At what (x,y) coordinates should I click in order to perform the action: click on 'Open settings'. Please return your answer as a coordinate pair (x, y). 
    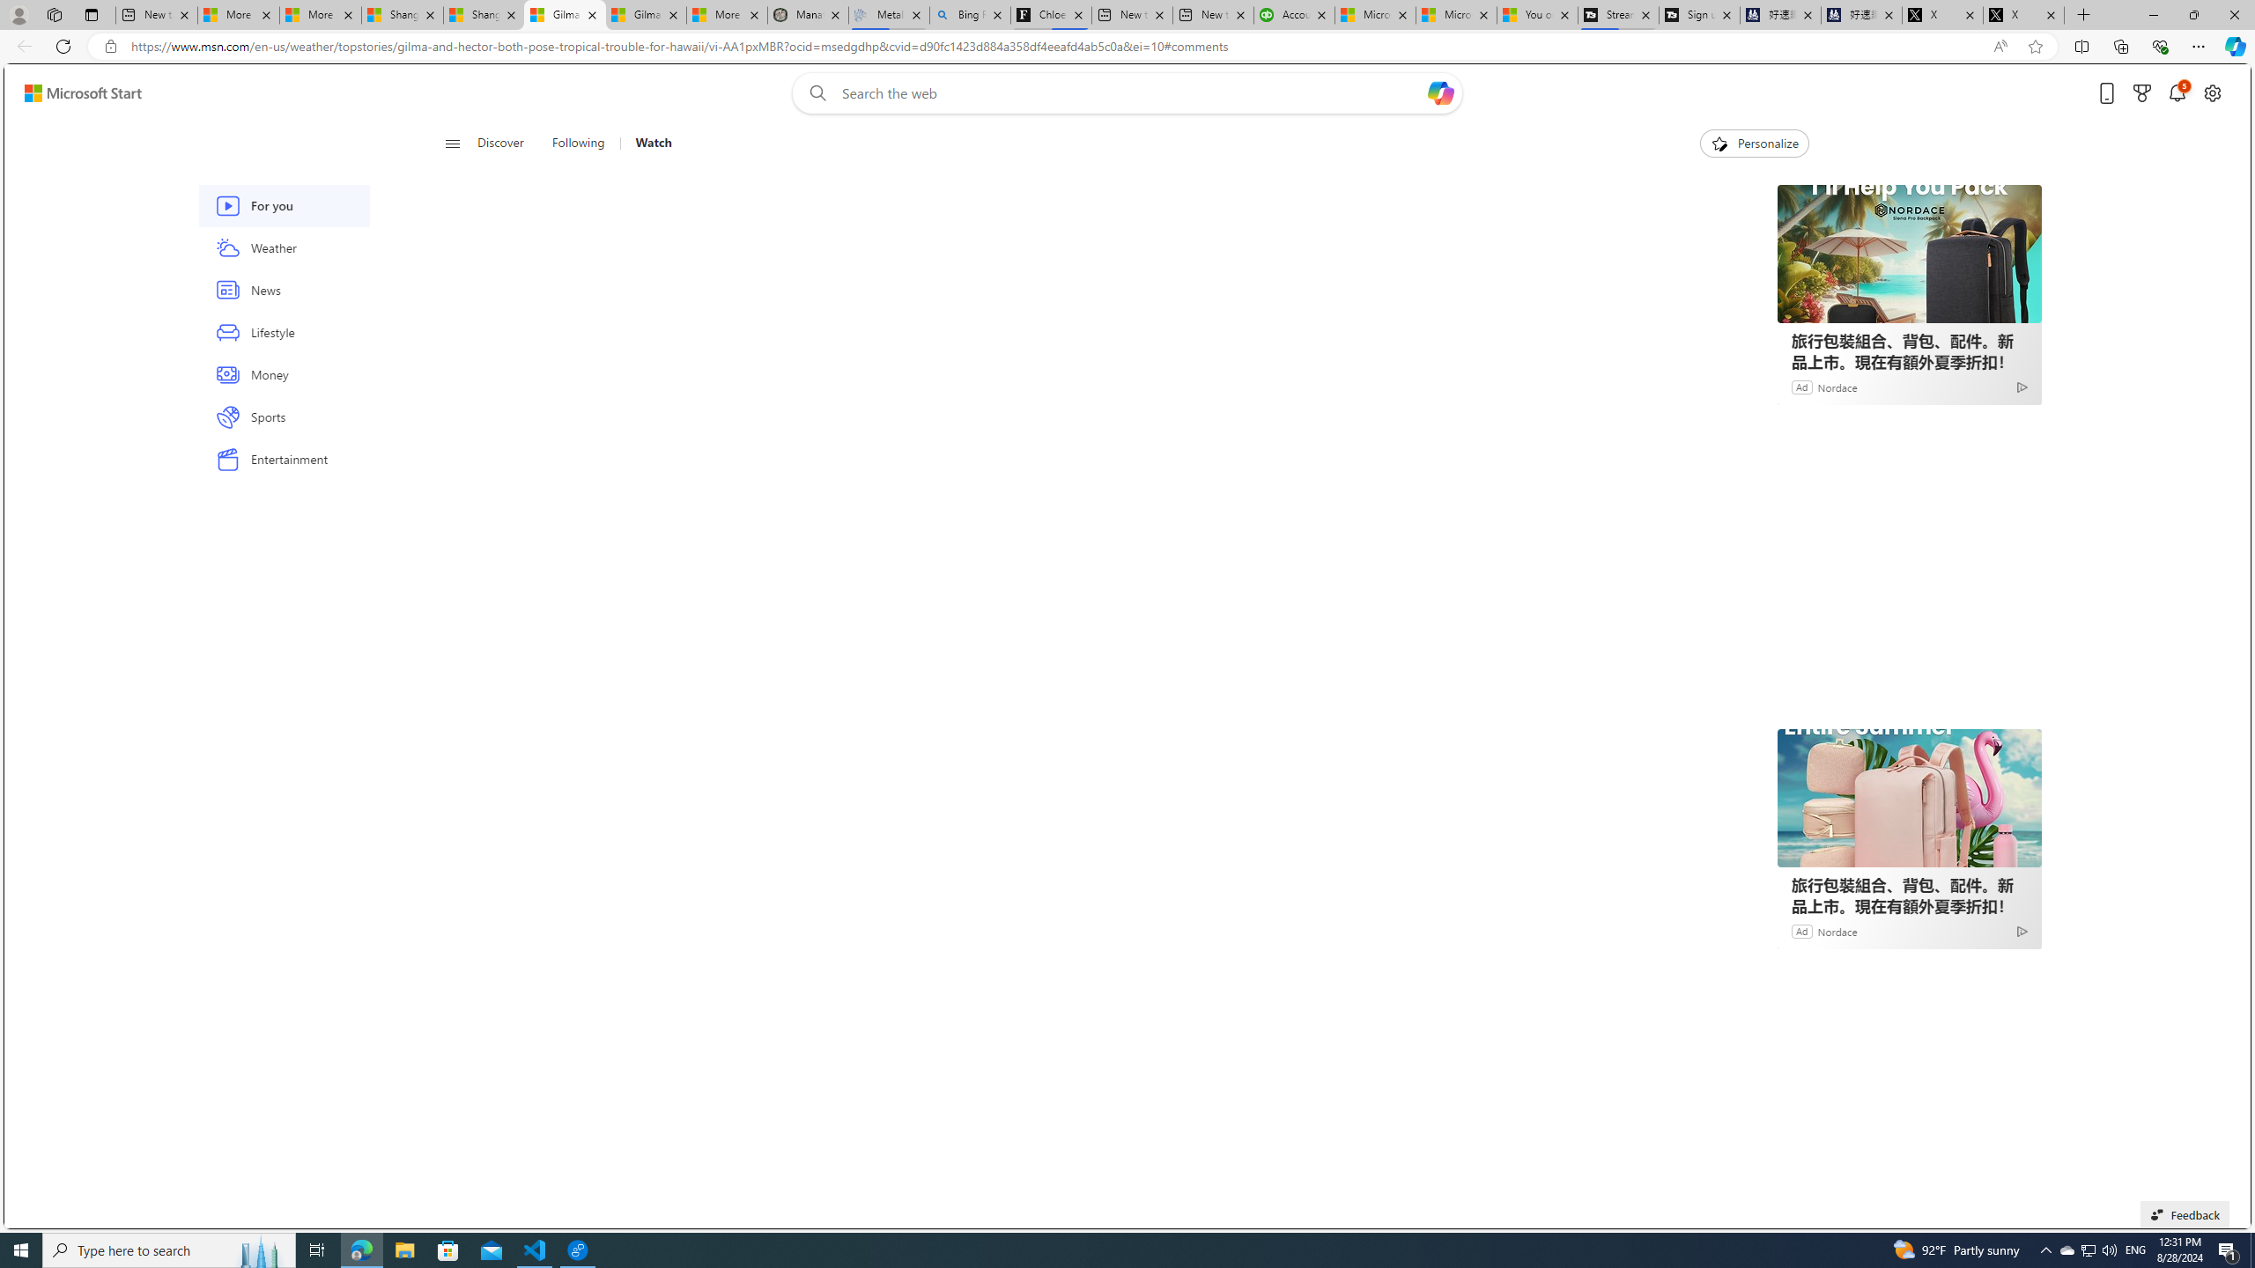
    Looking at the image, I should click on (2212, 93).